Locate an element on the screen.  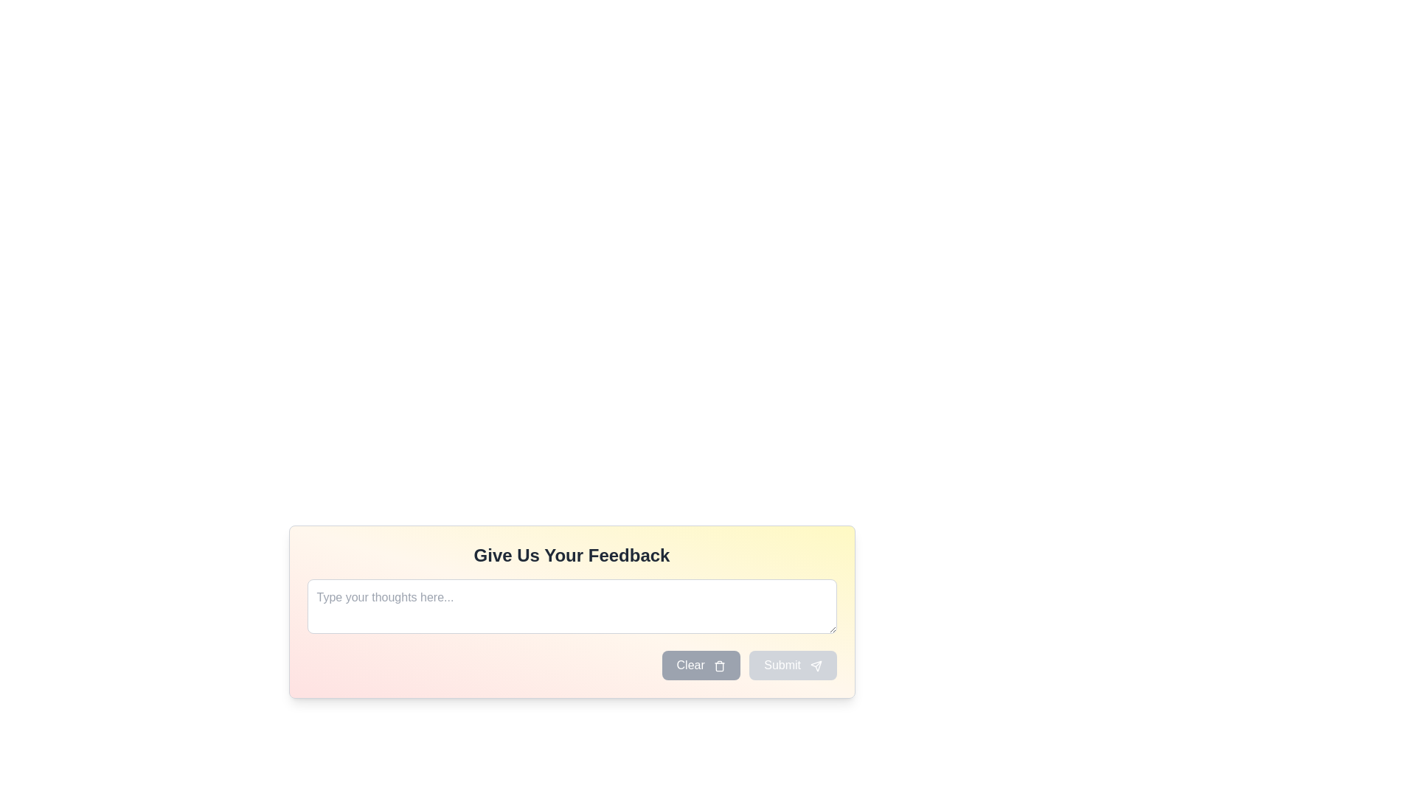
the 'Submit' button which is a rectangular button with a gray background and white text, located to the right of the 'Clear' button at the bottom right of the feedback form is located at coordinates (792, 665).